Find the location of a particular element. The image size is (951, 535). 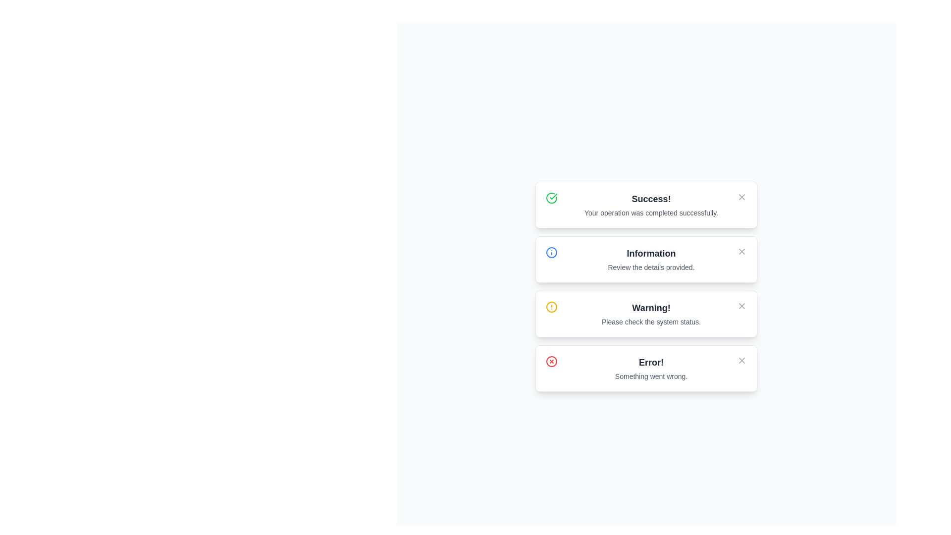

notification text block that displays 'Success!' and 'Your operation was completed successfully.' is located at coordinates (651, 204).